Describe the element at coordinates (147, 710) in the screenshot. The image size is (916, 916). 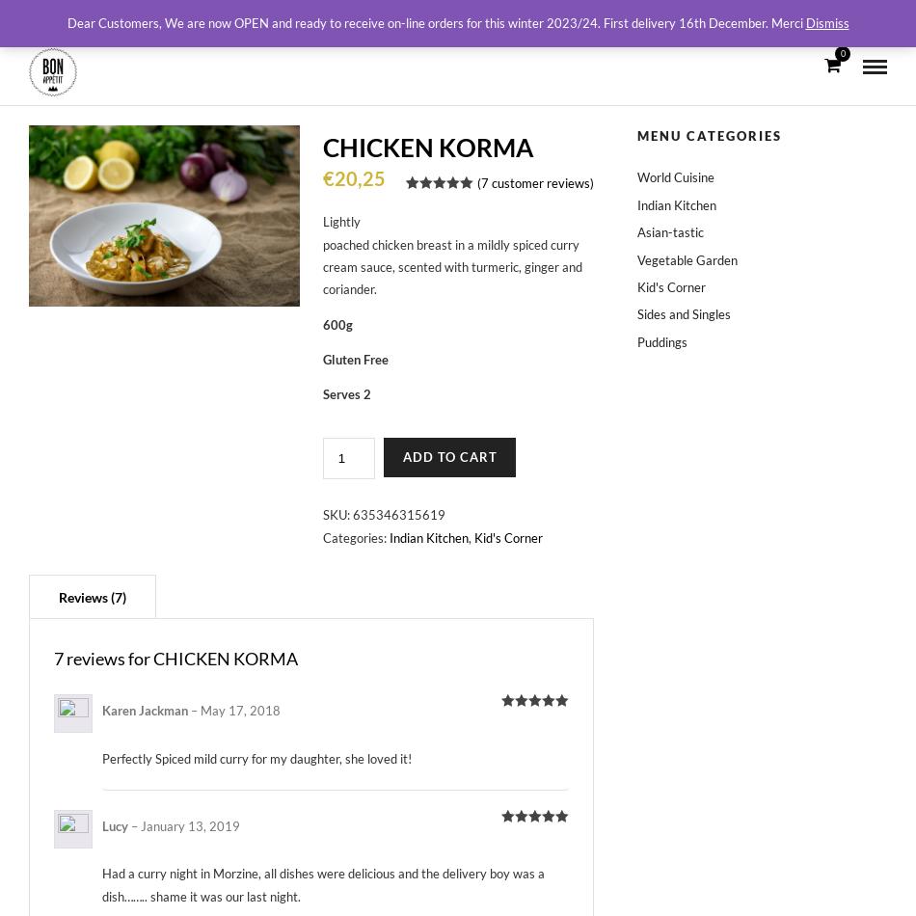
I see `'Karen Jackman'` at that location.